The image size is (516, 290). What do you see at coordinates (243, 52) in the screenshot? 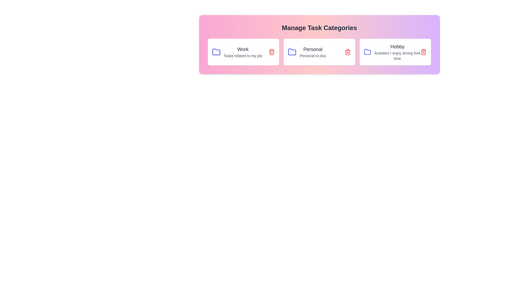
I see `the category card labeled 'Work' to observe hover effects` at bounding box center [243, 52].